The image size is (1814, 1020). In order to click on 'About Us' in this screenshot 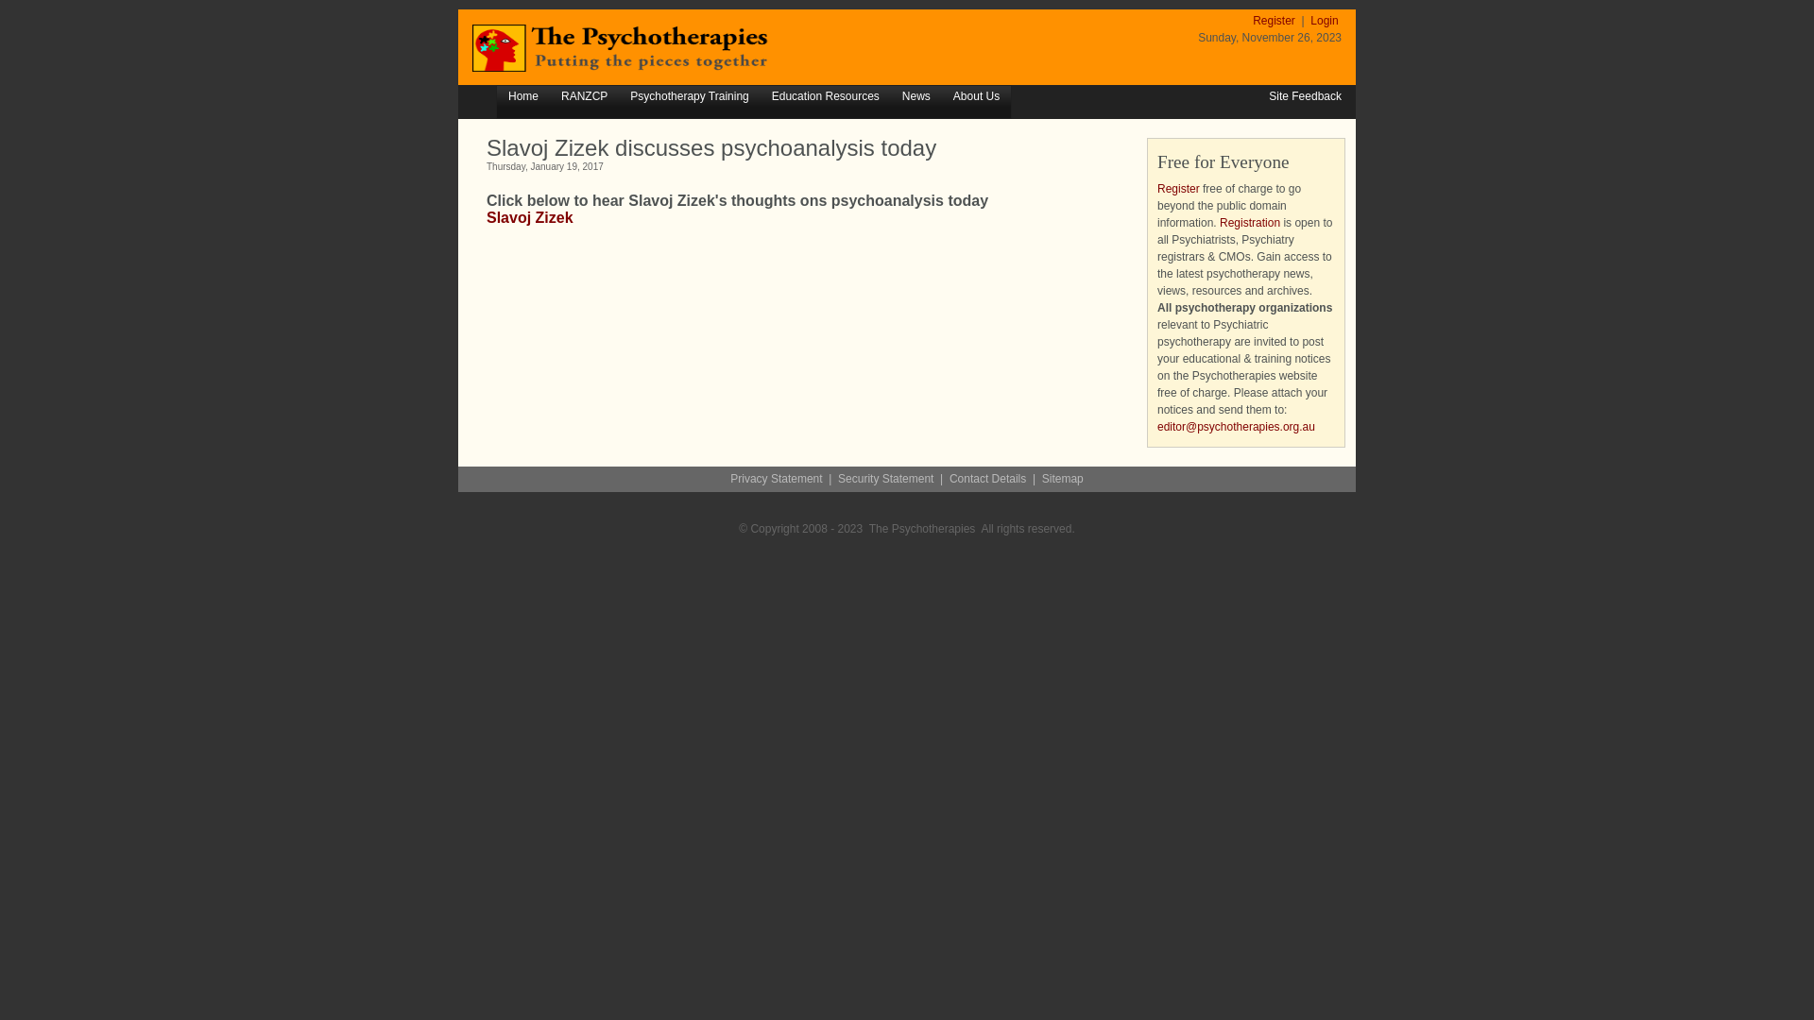, I will do `click(976, 97)`.